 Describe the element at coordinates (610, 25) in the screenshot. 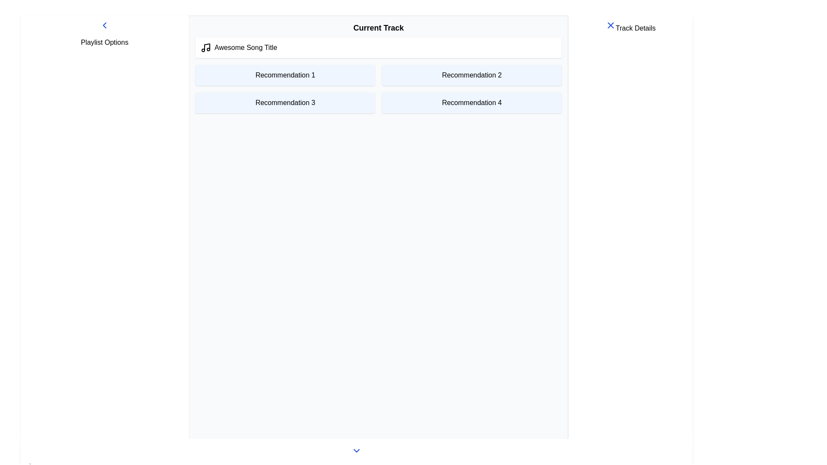

I see `the close button located at the top-right corner of the 'Track Details' card` at that location.